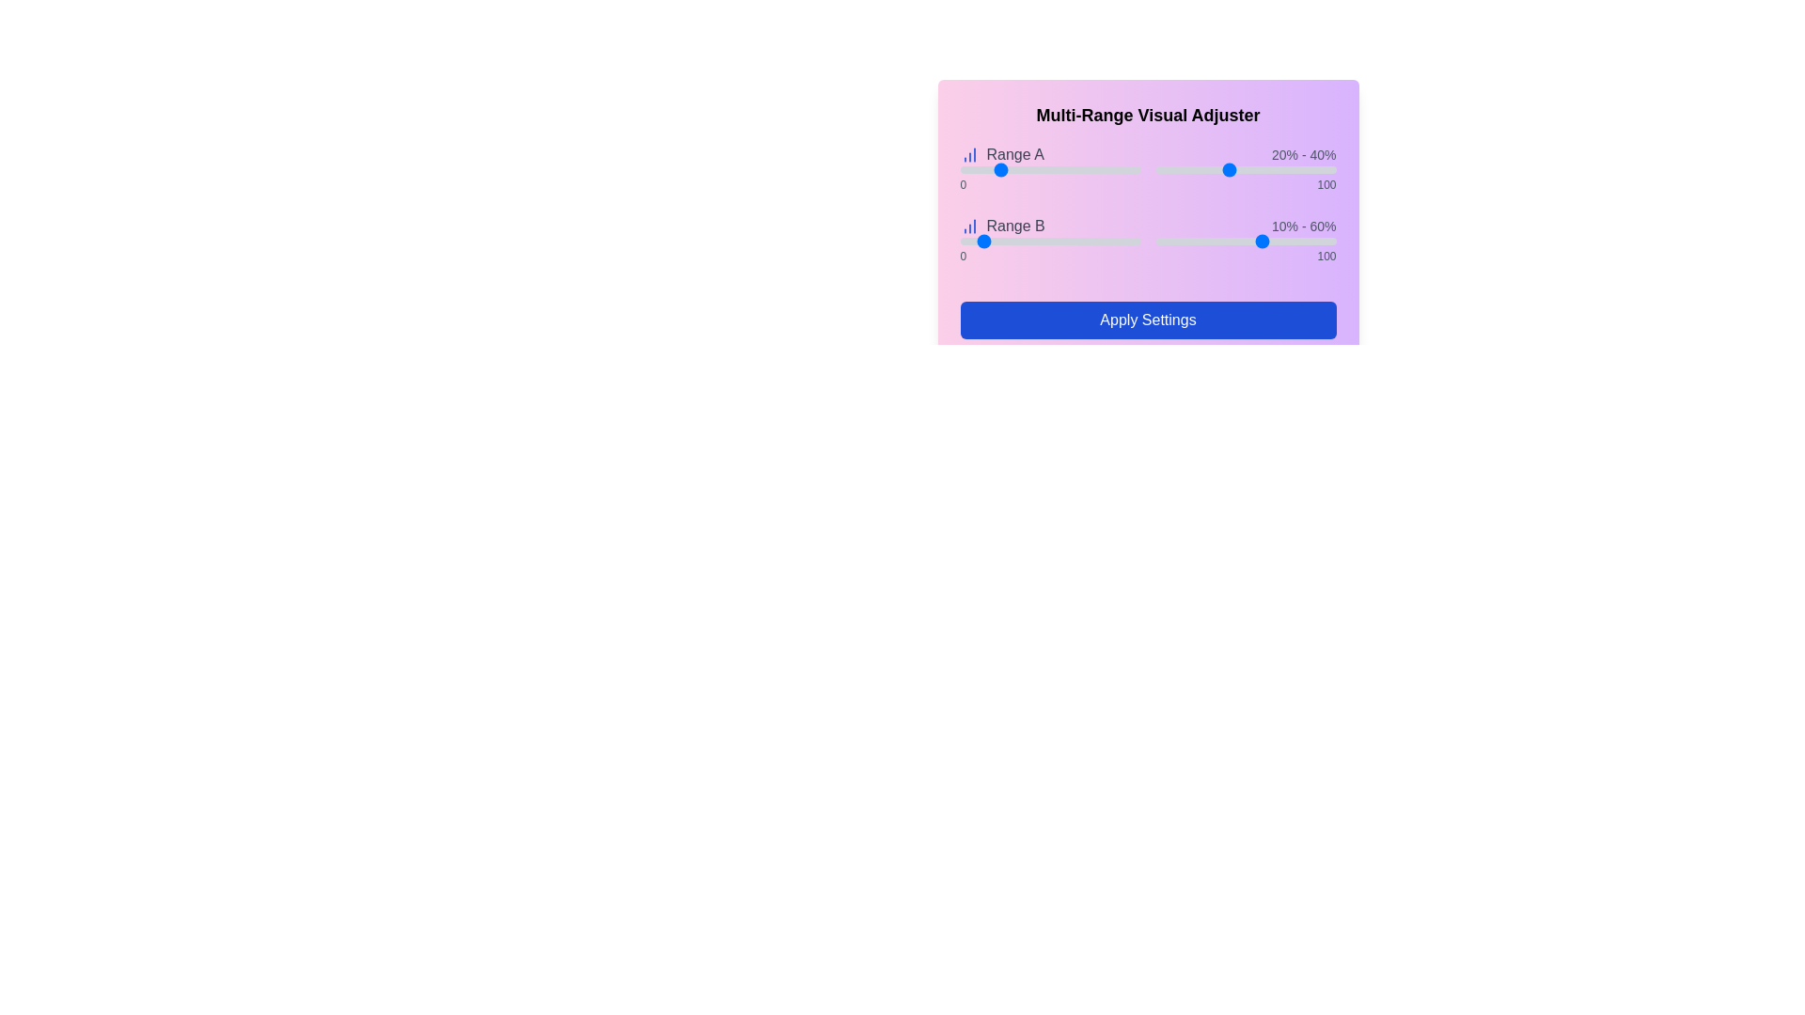  I want to click on the slider, so click(1103, 170).